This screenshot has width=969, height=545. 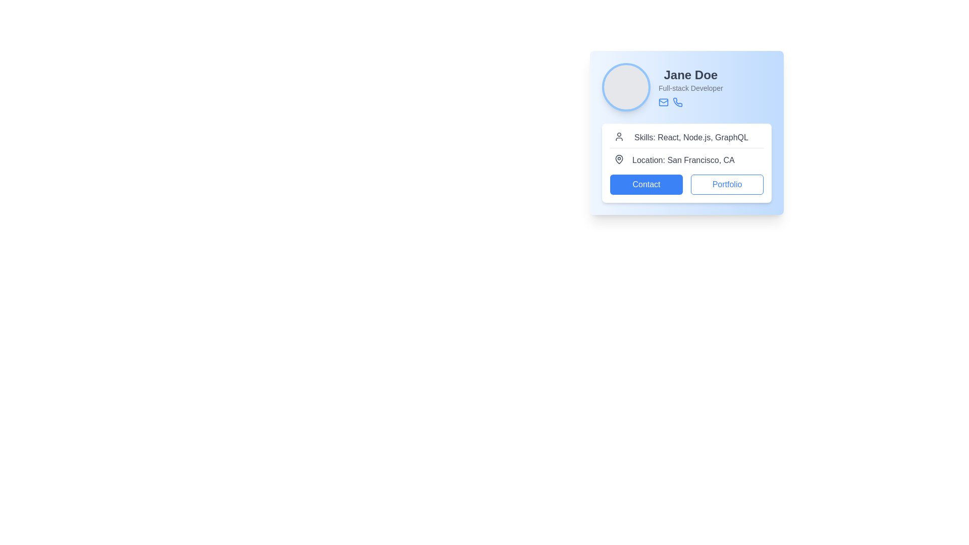 What do you see at coordinates (686, 159) in the screenshot?
I see `the Label with Icon displaying 'Location: San Francisco, CA' which features a gray map pin icon to its left, located below the text 'Skills: React, Node.js, GraphQL'` at bounding box center [686, 159].